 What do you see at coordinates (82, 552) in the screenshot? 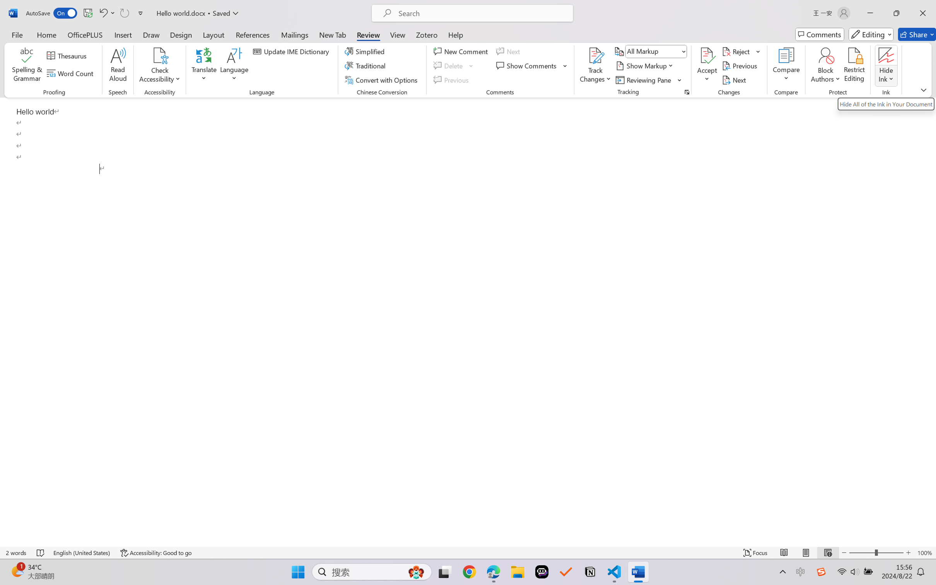
I see `'Language English (United States)'` at bounding box center [82, 552].